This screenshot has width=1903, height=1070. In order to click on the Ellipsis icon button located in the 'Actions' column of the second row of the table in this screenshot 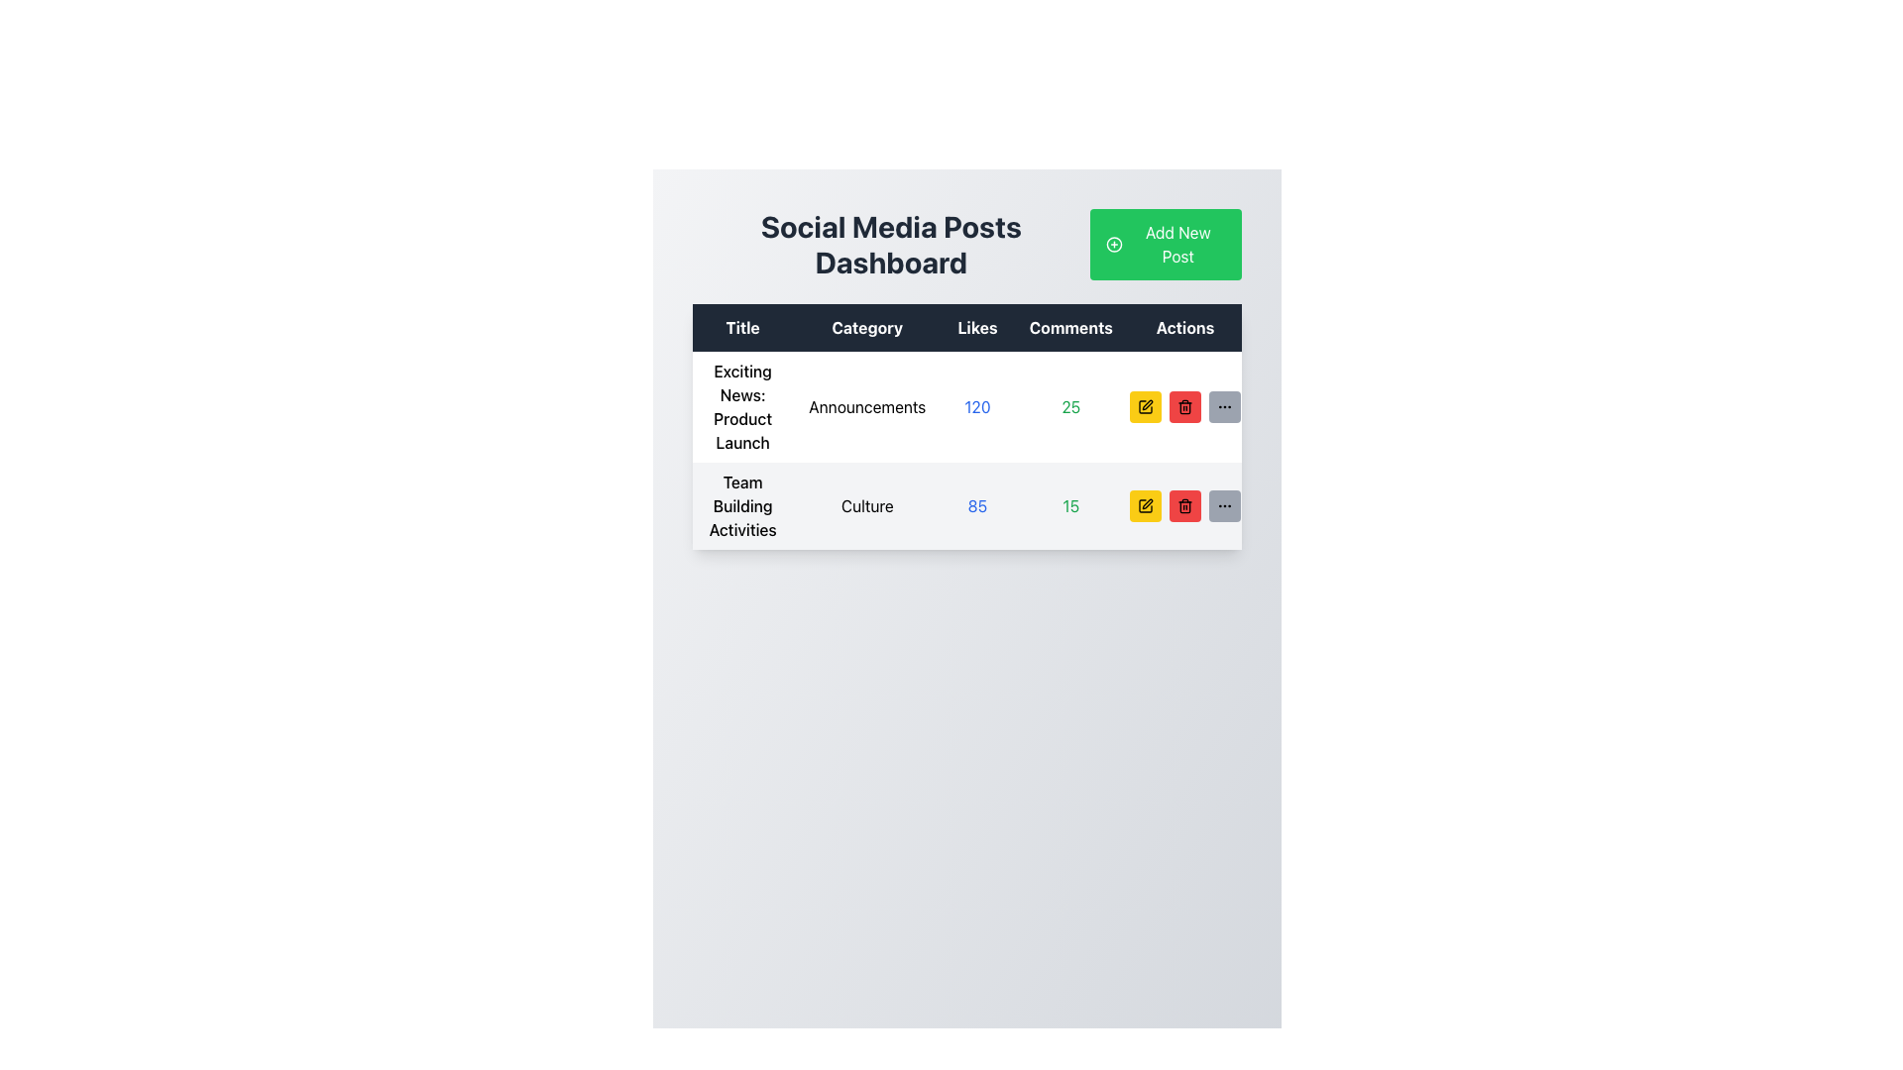, I will do `click(1224, 406)`.